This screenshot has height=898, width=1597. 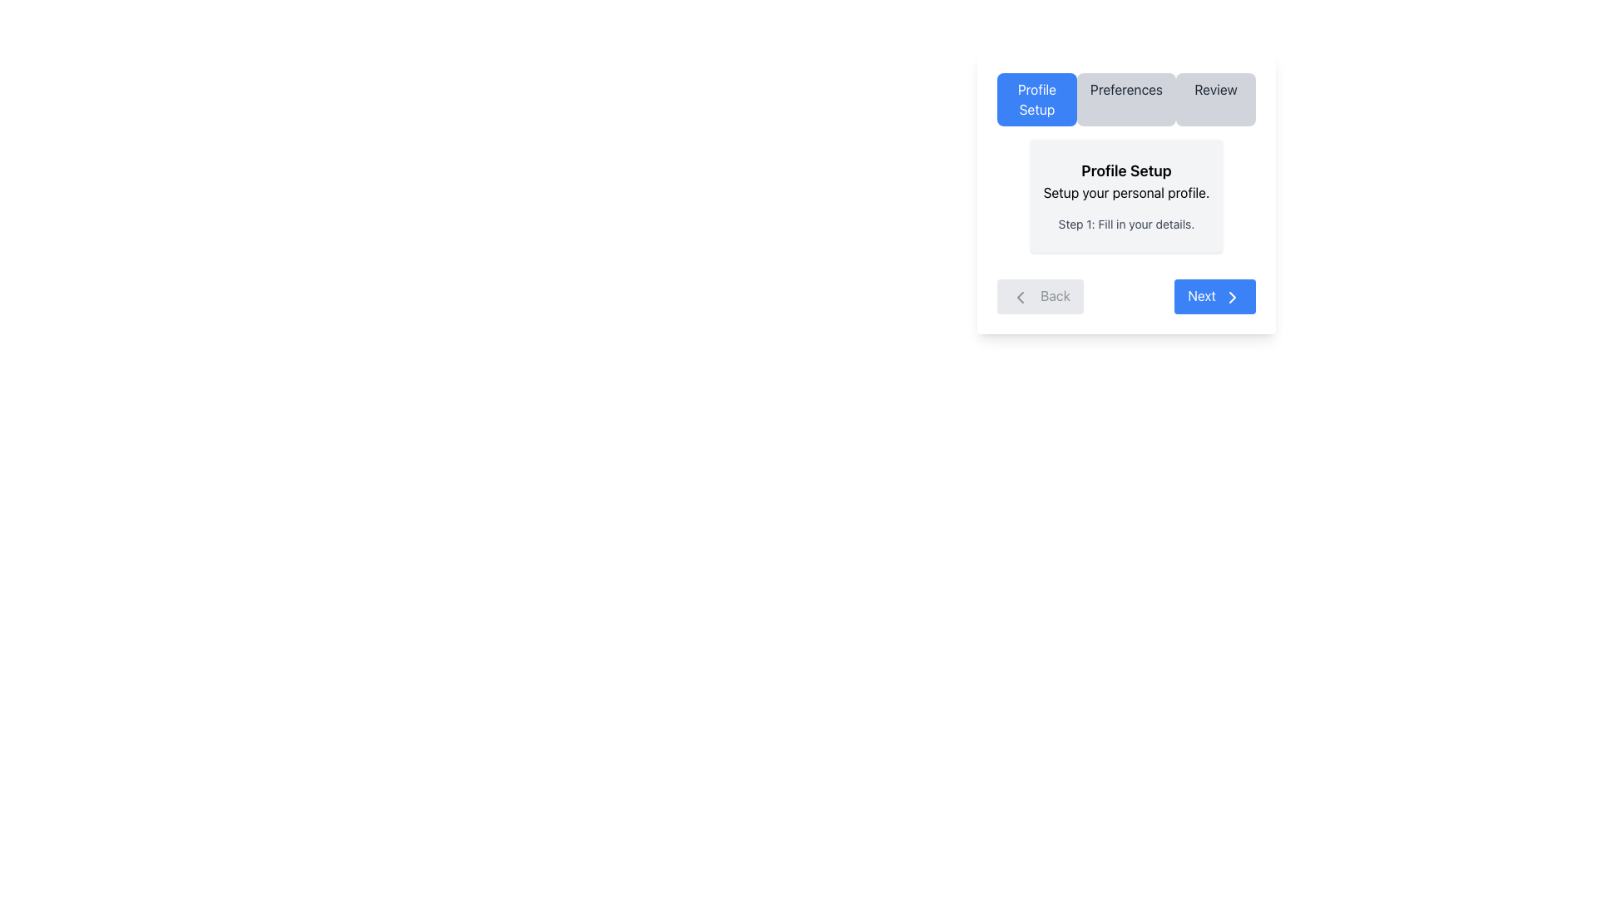 What do you see at coordinates (1126, 191) in the screenshot?
I see `the static text element that provides context or instruction about the profile setup process, located on the card titled 'Profile Setup', between the title and the step description 'Step 1: Fill in your details'` at bounding box center [1126, 191].